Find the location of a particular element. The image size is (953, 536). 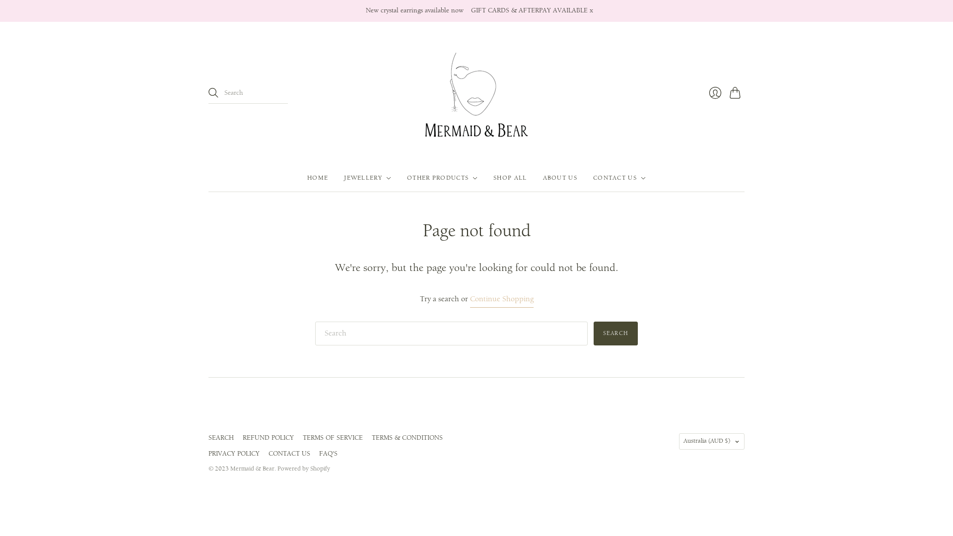

'FAQ'S' is located at coordinates (328, 454).